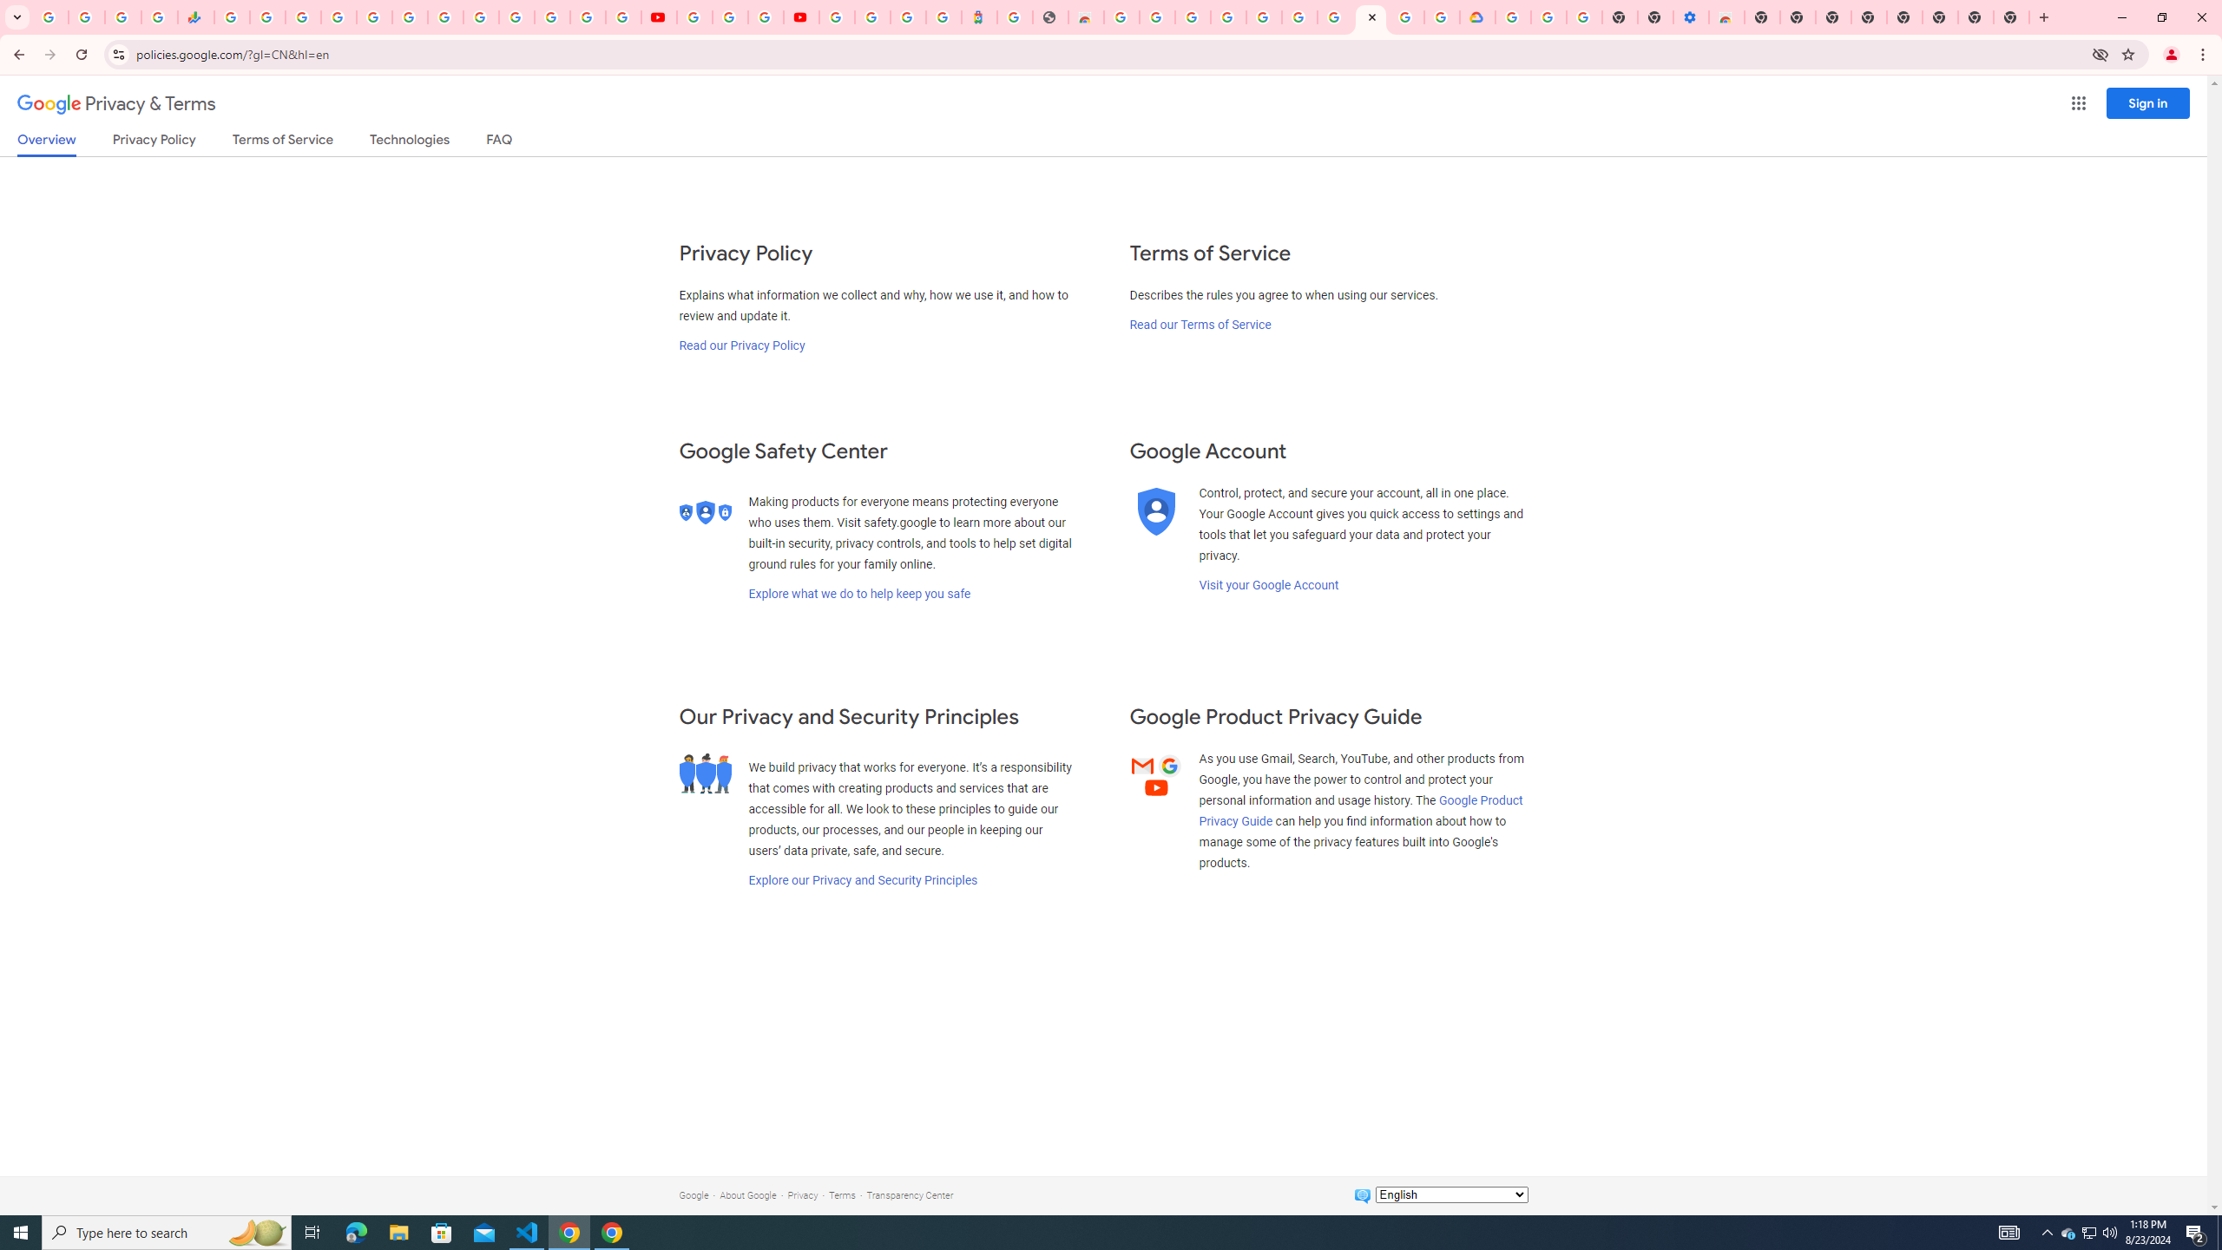 The width and height of the screenshot is (2222, 1250). Describe the element at coordinates (747, 1194) in the screenshot. I see `'About Google'` at that location.